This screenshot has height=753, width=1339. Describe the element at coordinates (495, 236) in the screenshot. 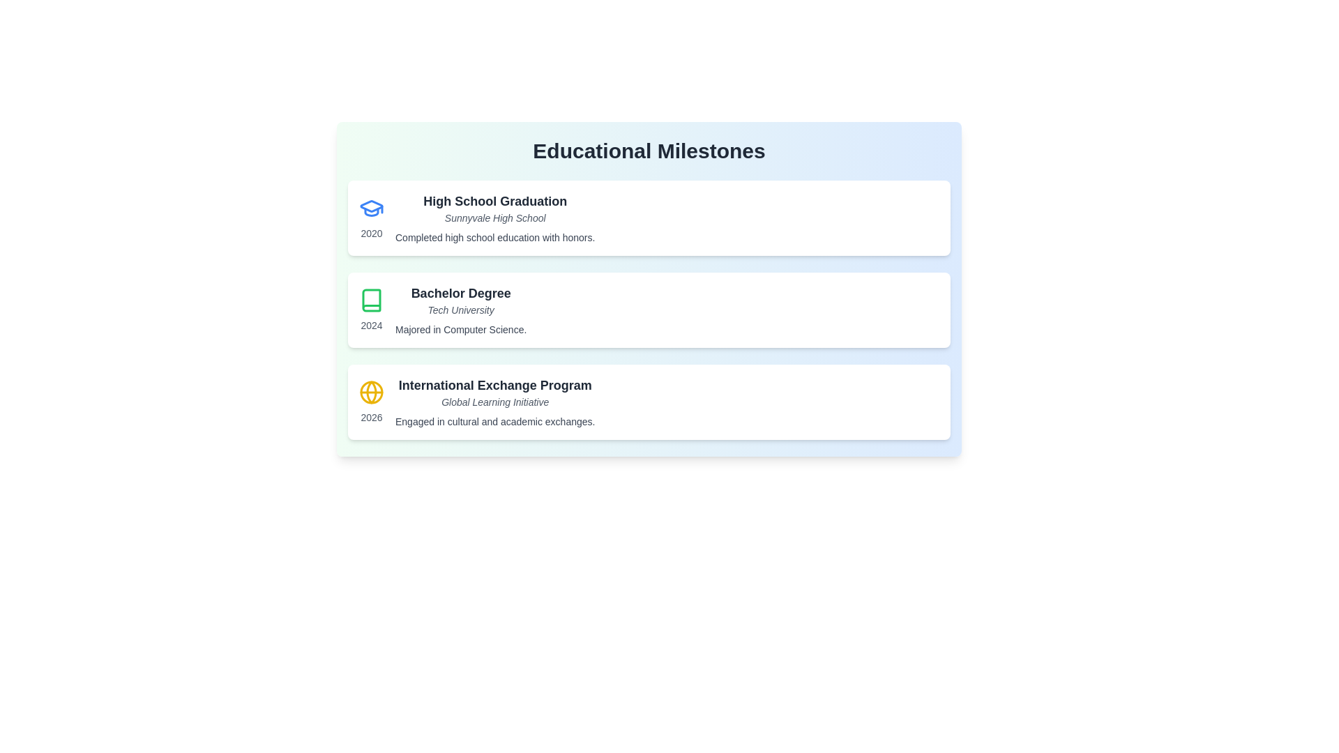

I see `text element displaying 'Completed high school education with honors.' located below the title 'High School Graduation' and subtitle 'Sunnyvale High School'` at that location.